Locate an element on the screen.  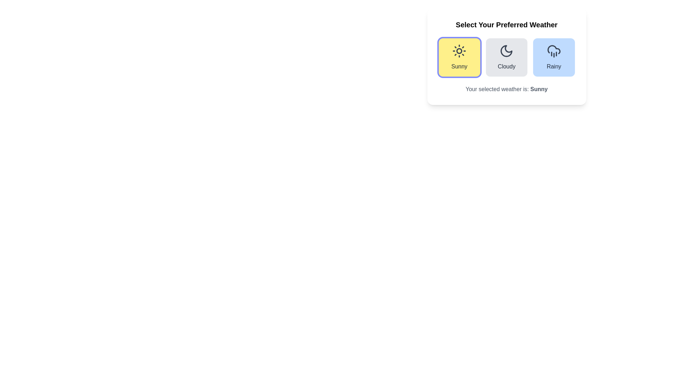
the text heading that states 'Select Your Preferred Weather,' which is positioned at the top of the weather selection options is located at coordinates (506, 24).